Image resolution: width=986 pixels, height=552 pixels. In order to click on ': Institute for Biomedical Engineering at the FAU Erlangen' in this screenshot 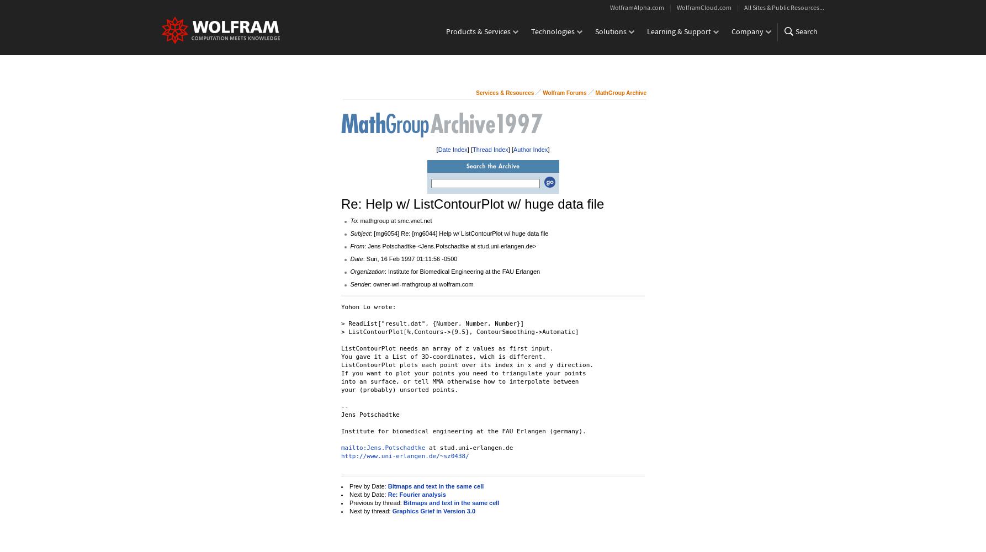, I will do `click(461, 271)`.